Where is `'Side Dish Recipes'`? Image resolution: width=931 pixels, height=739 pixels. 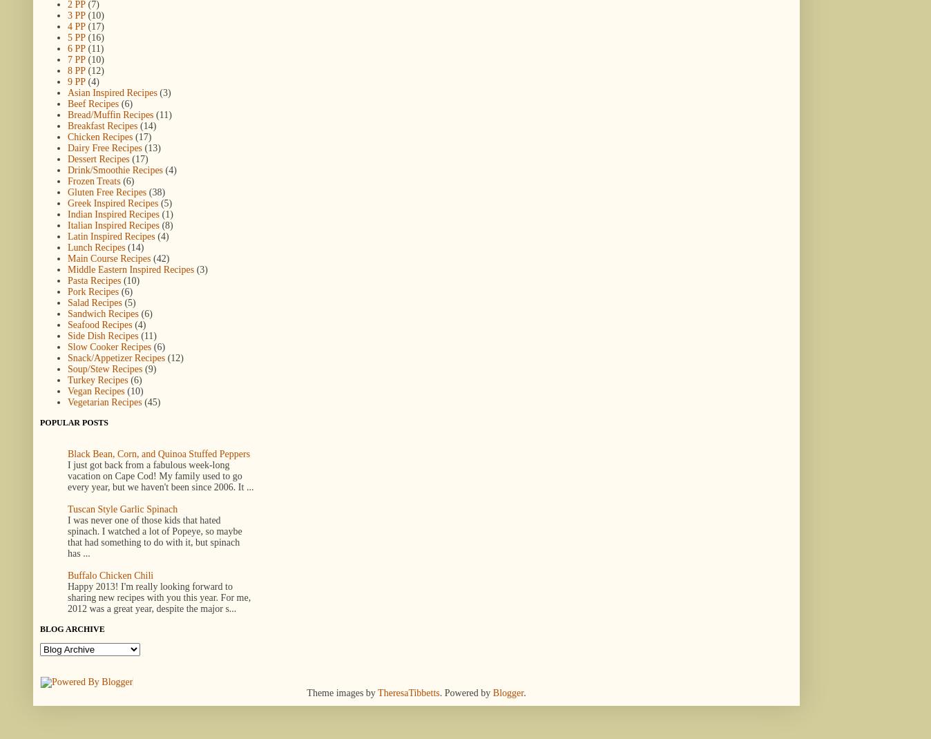 'Side Dish Recipes' is located at coordinates (102, 336).